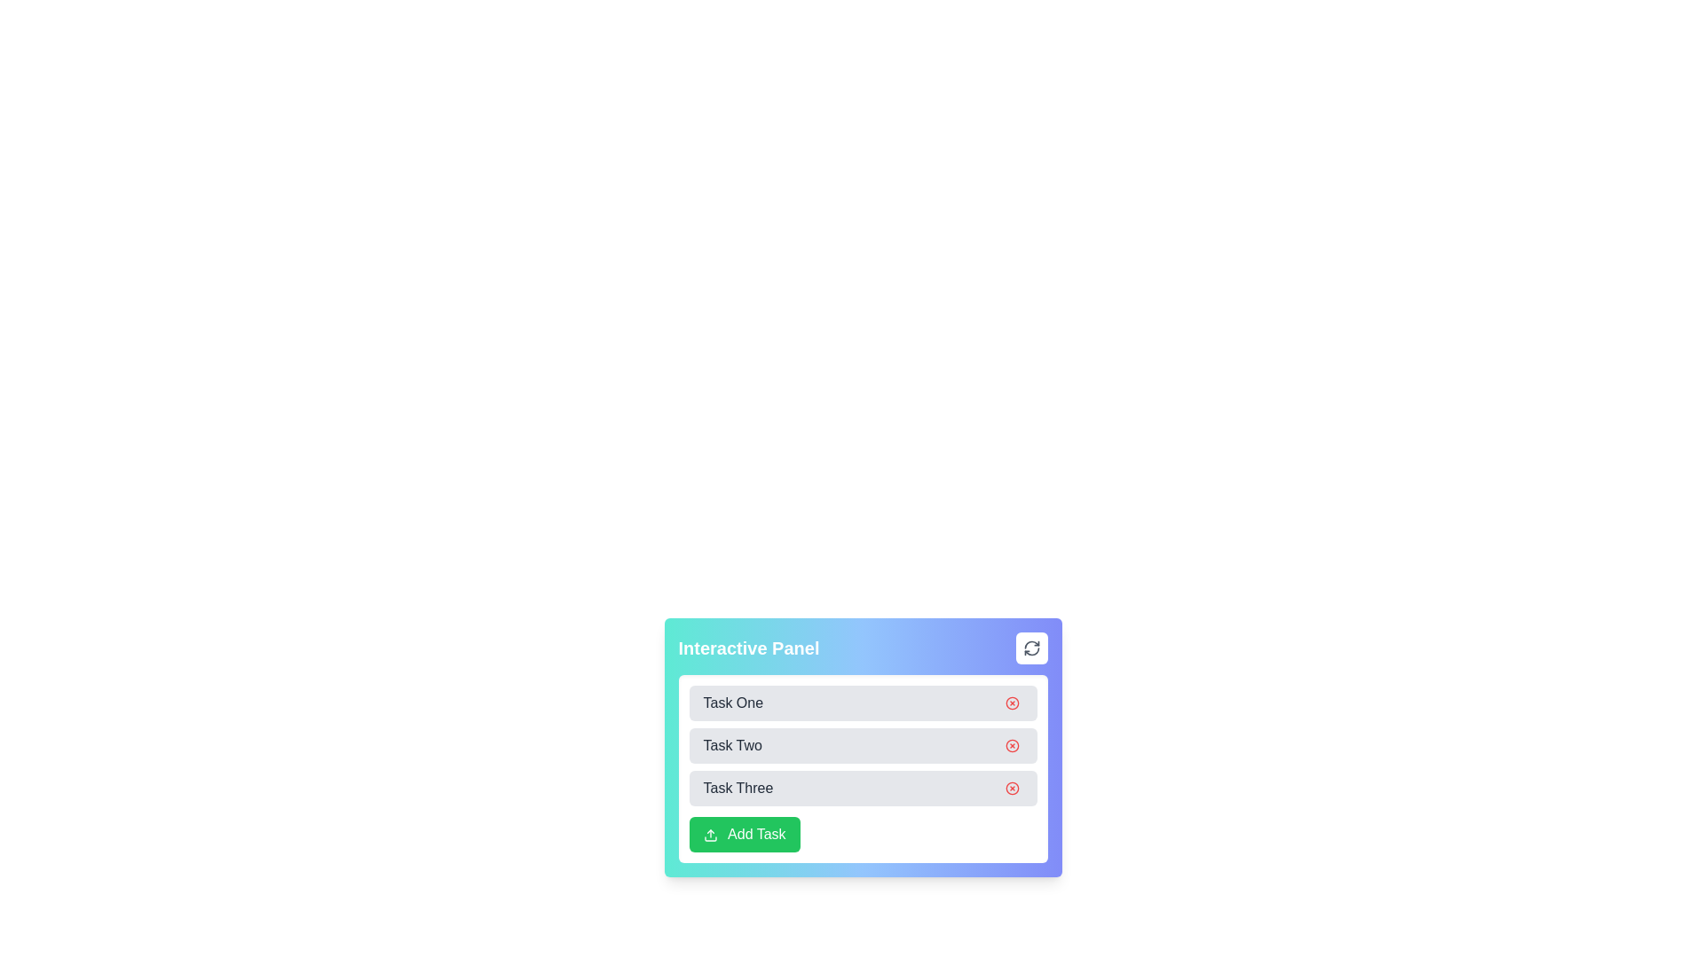 The height and width of the screenshot is (958, 1704). Describe the element at coordinates (1012, 703) in the screenshot. I see `the deletion icon button for 'Task One' in the 'Interactive Panel'` at that location.